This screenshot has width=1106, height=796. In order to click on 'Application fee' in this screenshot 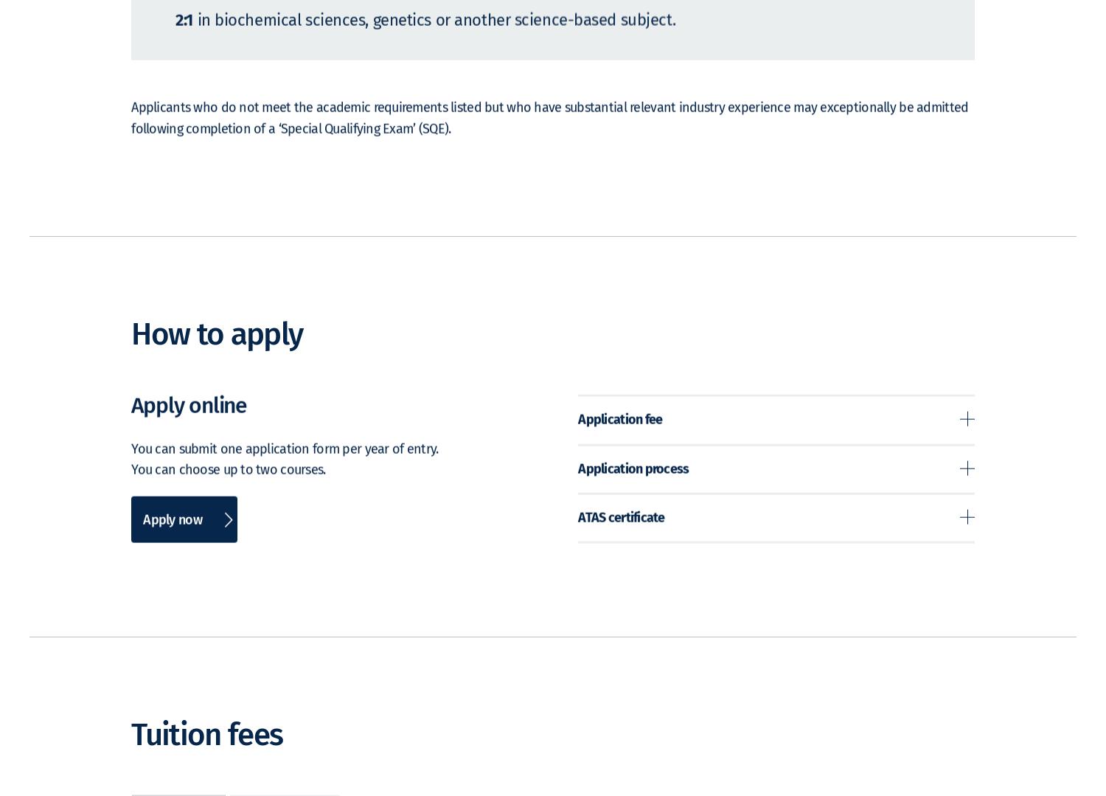, I will do `click(619, 440)`.